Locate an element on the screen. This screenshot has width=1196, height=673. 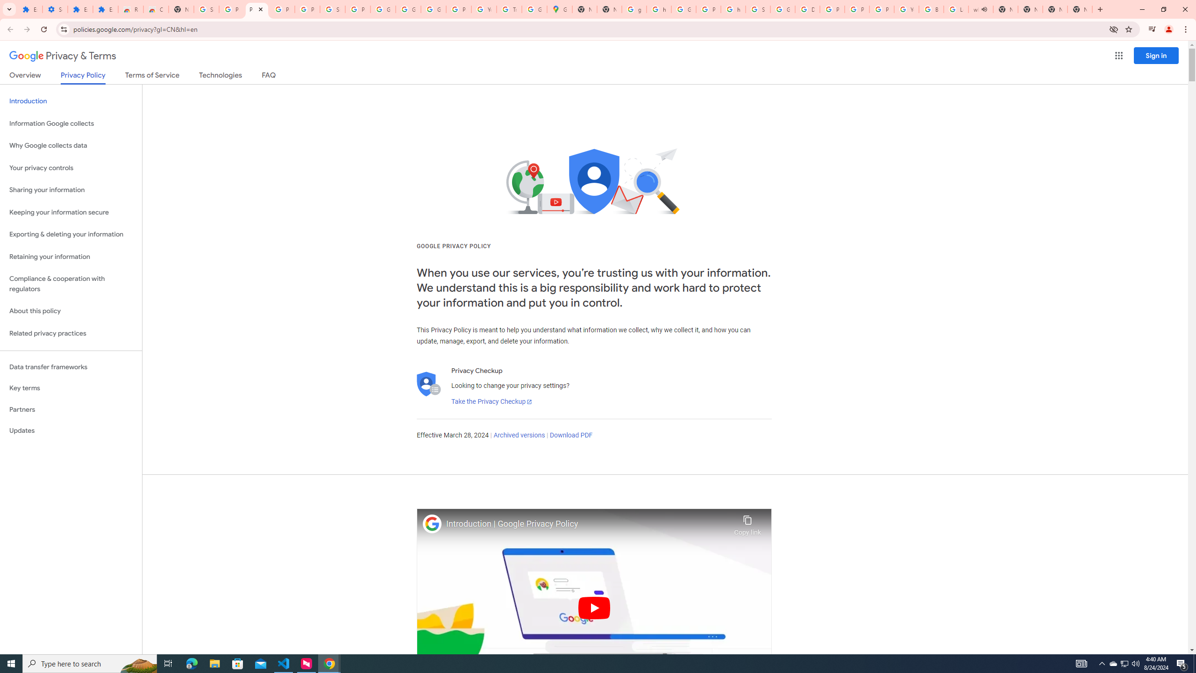
'Chrome Web Store - Themes' is located at coordinates (156, 9).